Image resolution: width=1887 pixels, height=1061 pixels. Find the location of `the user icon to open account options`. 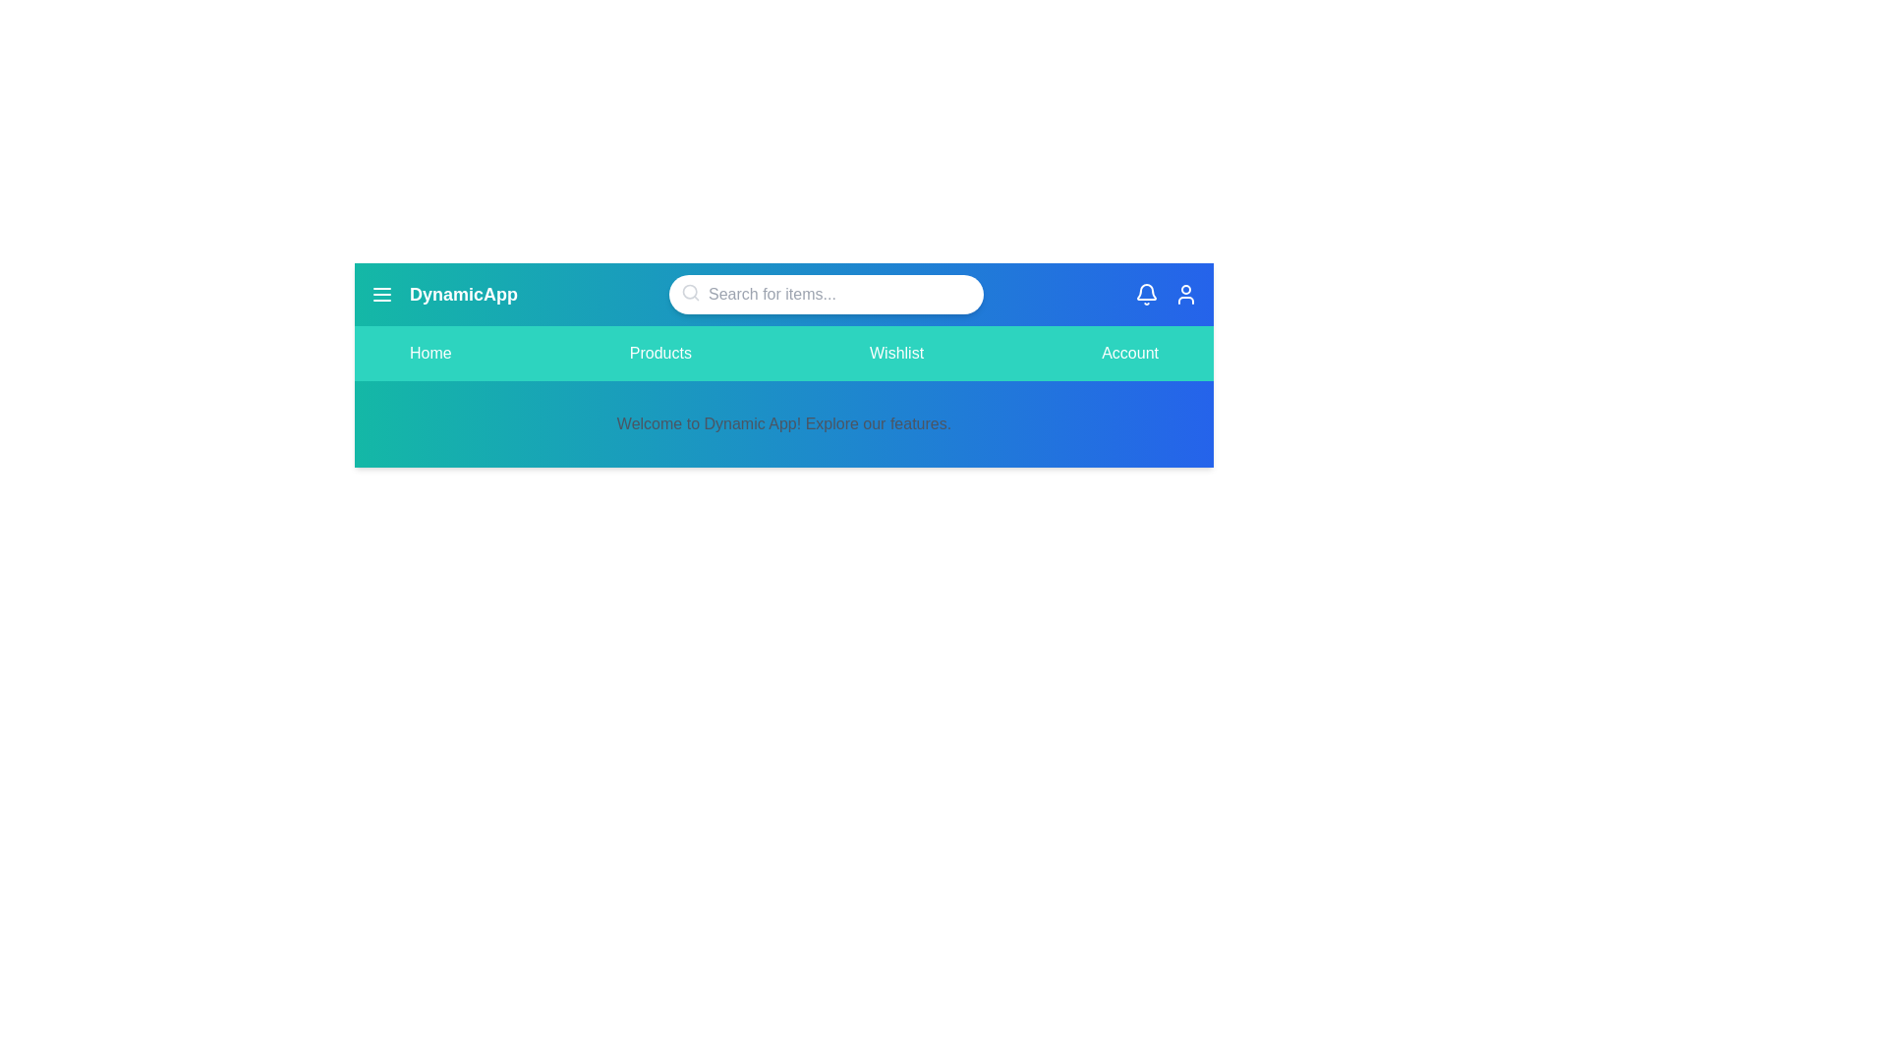

the user icon to open account options is located at coordinates (1184, 295).